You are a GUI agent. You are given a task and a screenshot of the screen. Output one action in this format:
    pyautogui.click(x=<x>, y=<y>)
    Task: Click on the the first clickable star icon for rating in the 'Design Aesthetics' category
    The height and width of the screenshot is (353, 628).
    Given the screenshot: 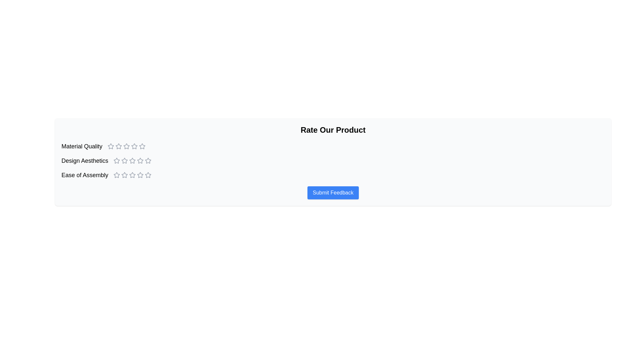 What is the action you would take?
    pyautogui.click(x=117, y=161)
    